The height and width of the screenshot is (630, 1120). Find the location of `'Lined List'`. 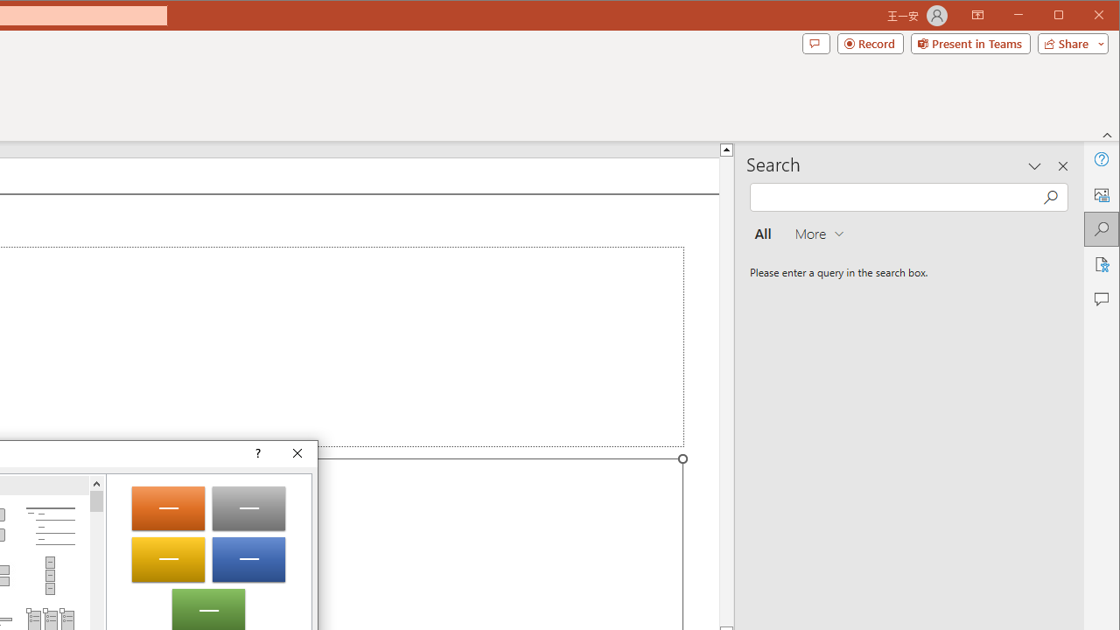

'Lined List' is located at coordinates (50, 525).